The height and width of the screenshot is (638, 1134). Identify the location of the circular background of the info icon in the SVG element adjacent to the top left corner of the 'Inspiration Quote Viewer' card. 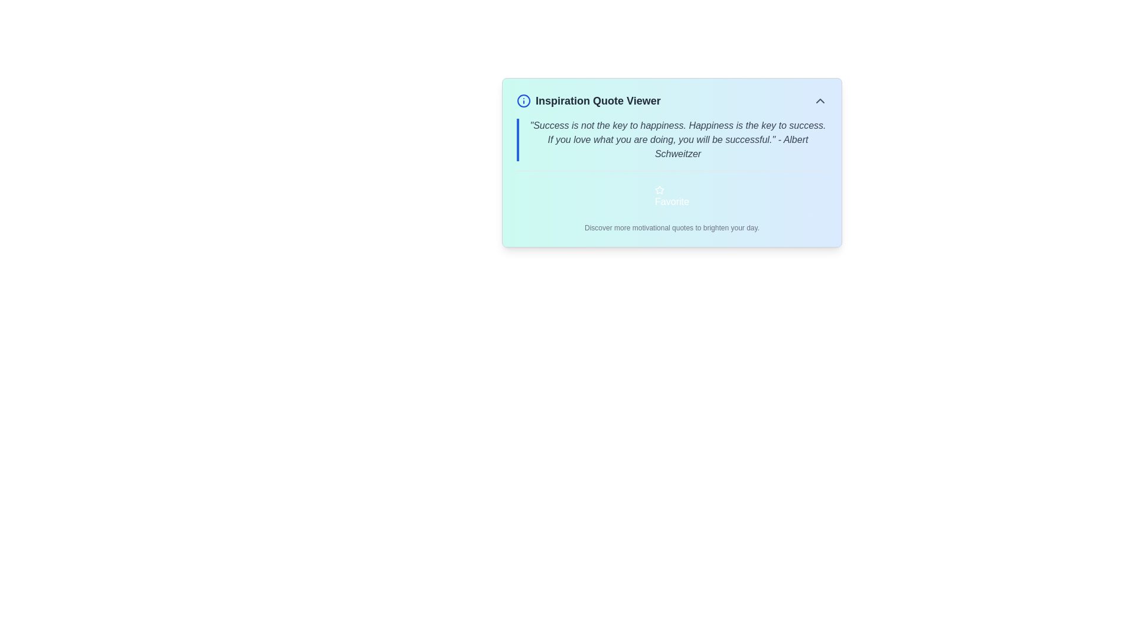
(523, 100).